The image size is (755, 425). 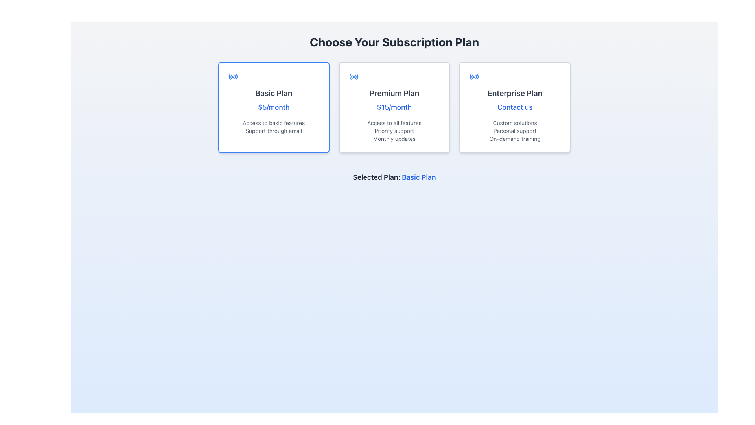 I want to click on the 'Personal support' label, which is the second item in the feature list of the 'Enterprise Plan' card located in the center-right area of the interface, so click(x=515, y=130).